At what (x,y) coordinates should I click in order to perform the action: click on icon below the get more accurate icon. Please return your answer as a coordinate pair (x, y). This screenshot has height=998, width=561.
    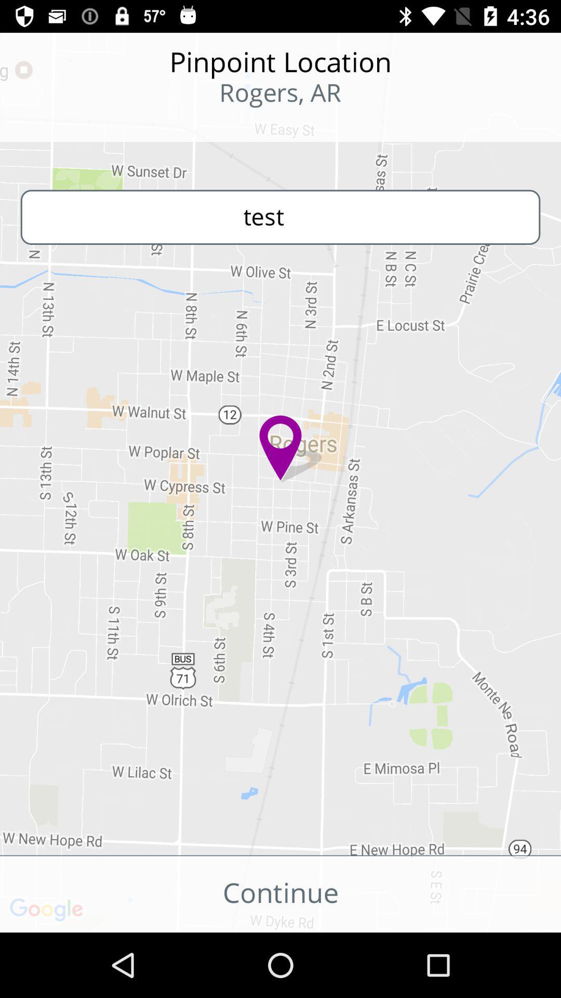
    Looking at the image, I should click on (280, 894).